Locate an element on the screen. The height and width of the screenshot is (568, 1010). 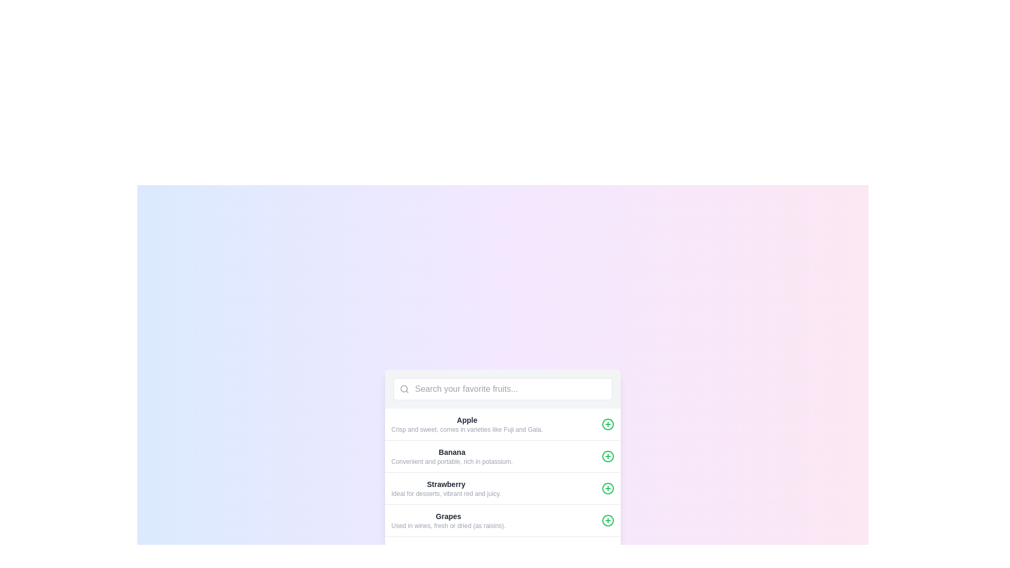
the Text block with the bold title 'Apple' and its description 'Crisp and sweet, comes in varieties like Fuji and Gala.' which is the first entry in the vertical list of items is located at coordinates (467, 423).